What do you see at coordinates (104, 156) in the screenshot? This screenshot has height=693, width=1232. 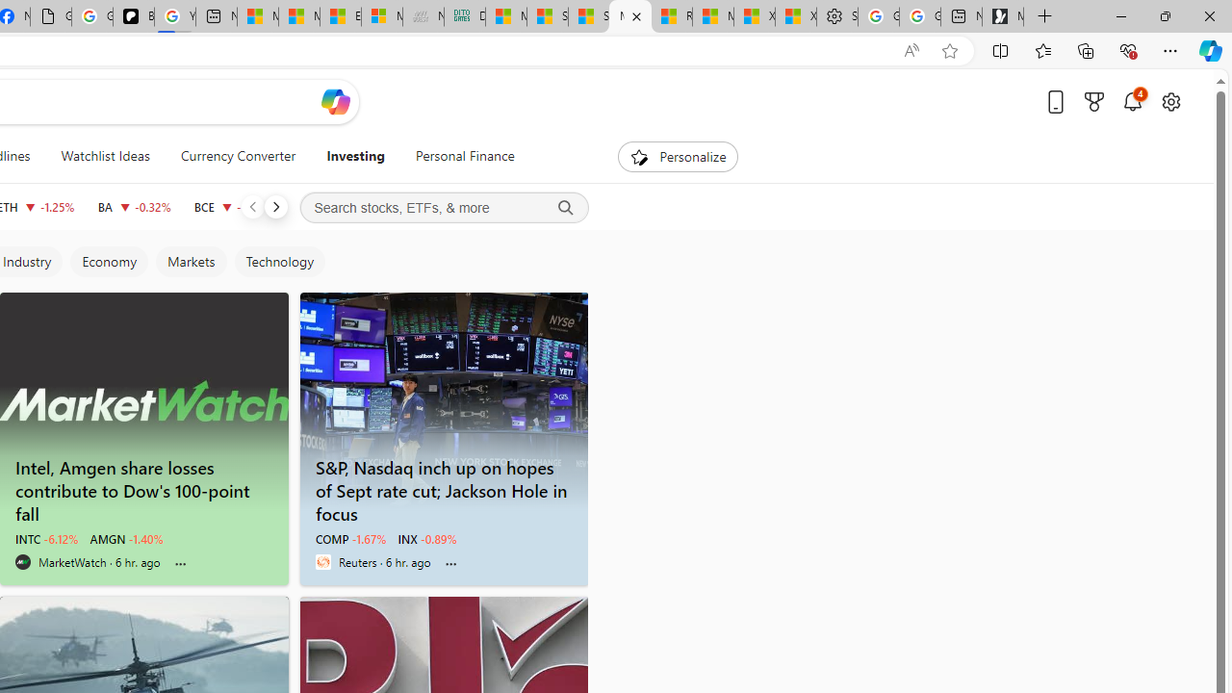 I see `'Watchlist Ideas'` at bounding box center [104, 156].